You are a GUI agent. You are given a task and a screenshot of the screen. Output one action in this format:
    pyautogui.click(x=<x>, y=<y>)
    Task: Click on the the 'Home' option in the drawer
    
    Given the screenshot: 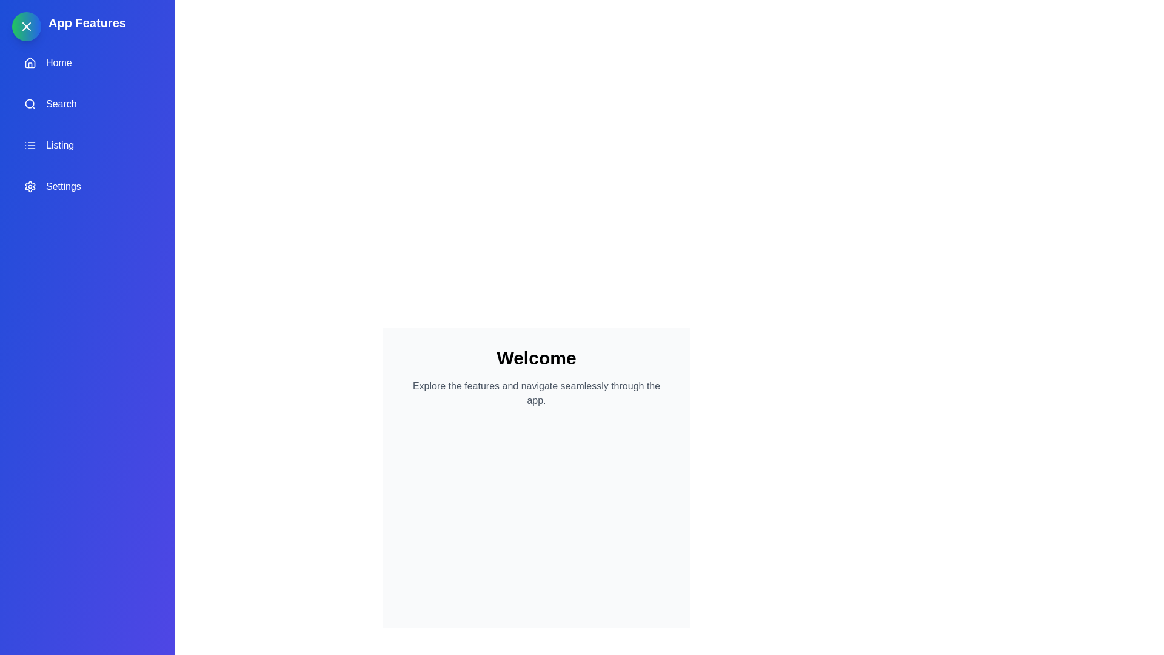 What is the action you would take?
    pyautogui.click(x=87, y=63)
    